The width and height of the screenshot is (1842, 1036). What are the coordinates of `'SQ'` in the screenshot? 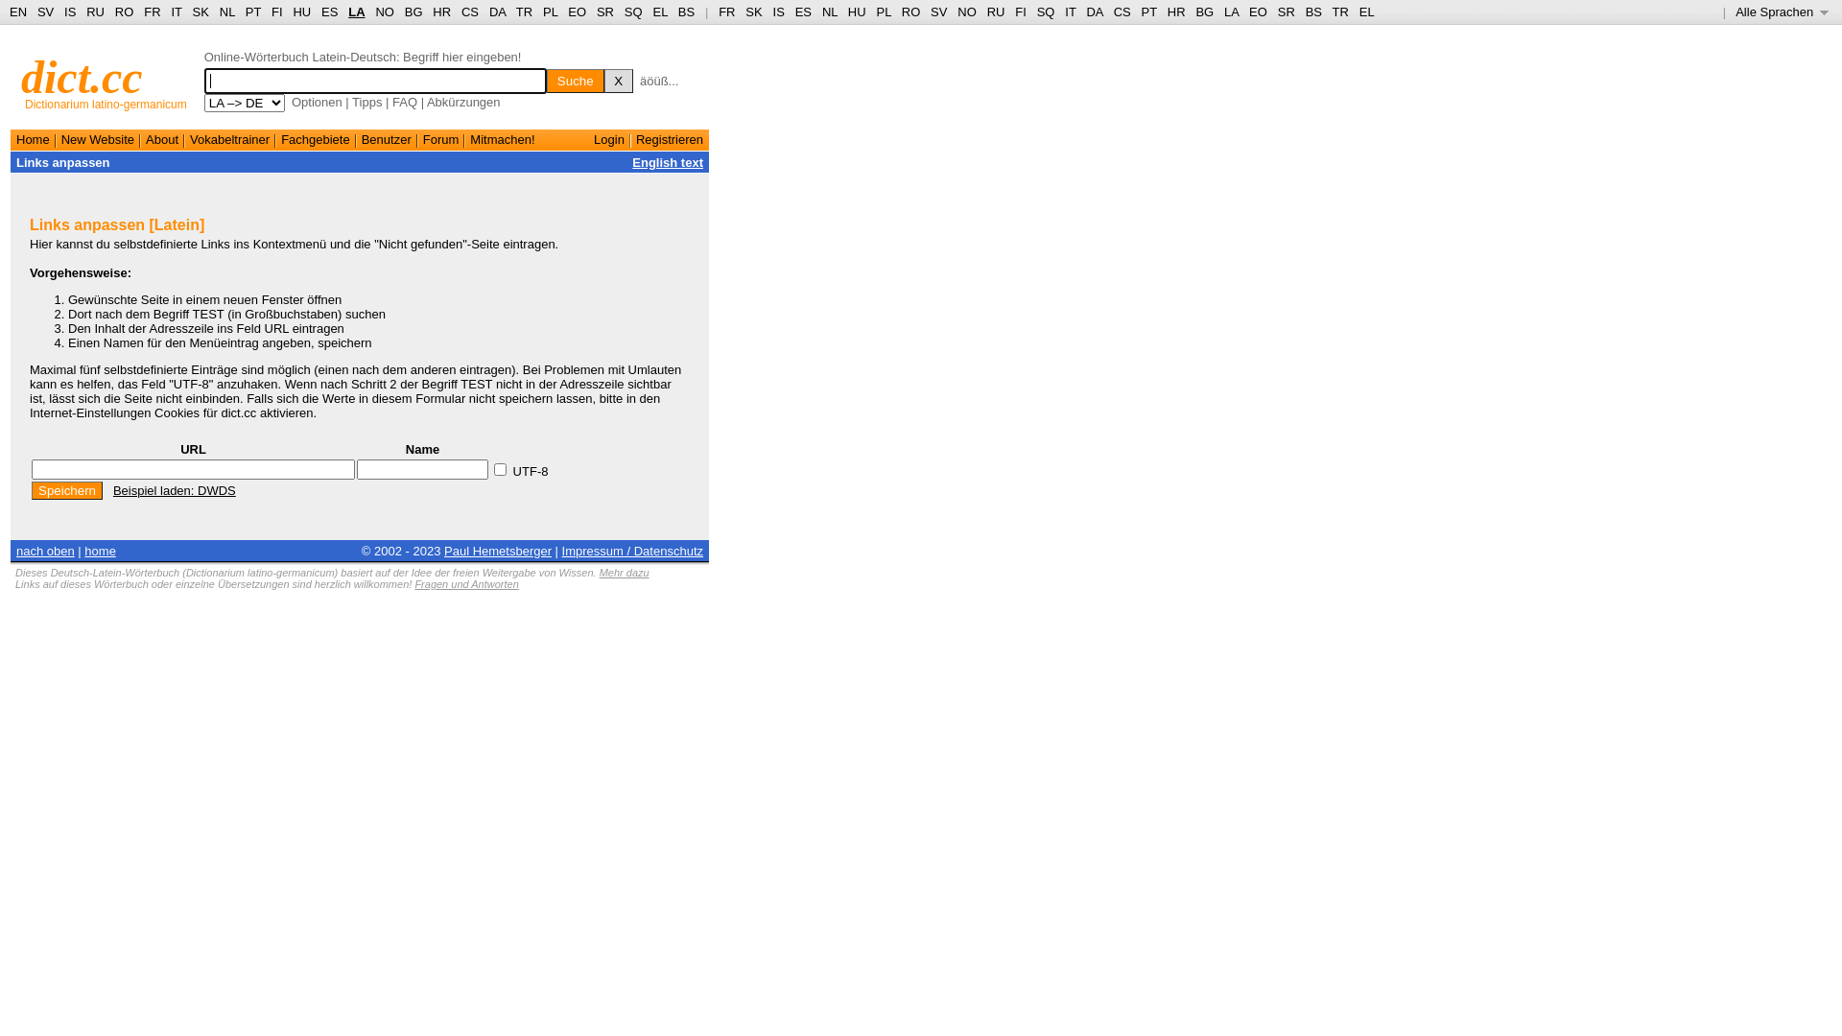 It's located at (1045, 12).